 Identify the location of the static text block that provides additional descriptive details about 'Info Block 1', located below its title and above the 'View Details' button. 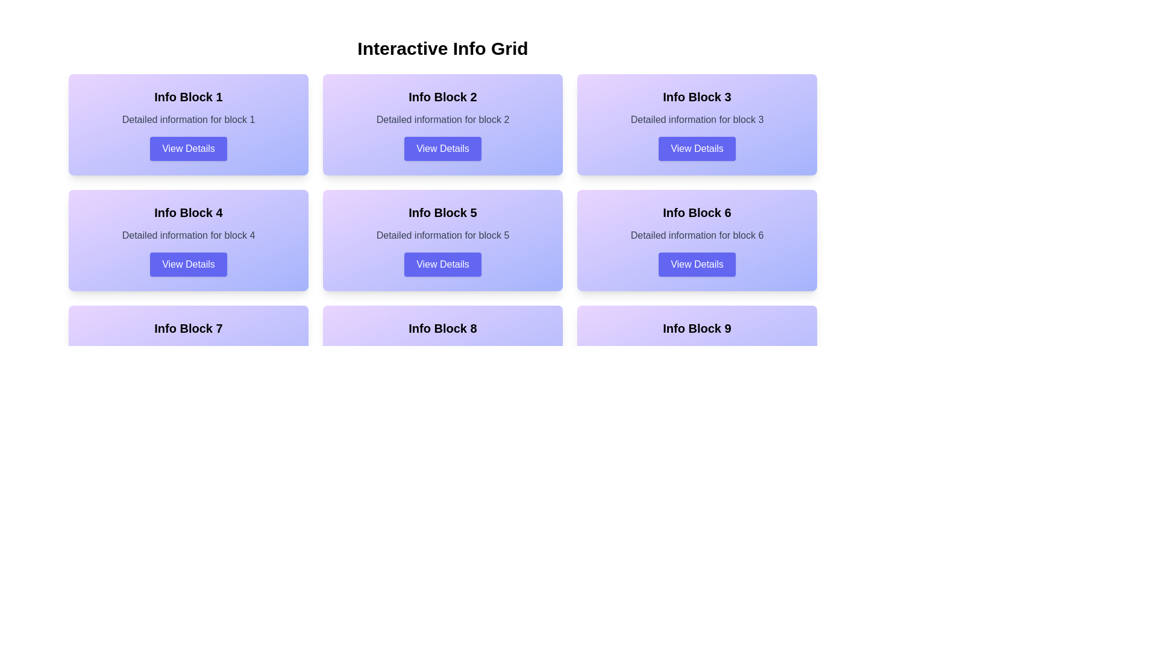
(187, 120).